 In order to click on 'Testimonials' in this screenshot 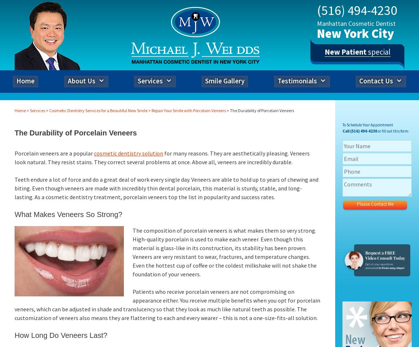, I will do `click(297, 80)`.